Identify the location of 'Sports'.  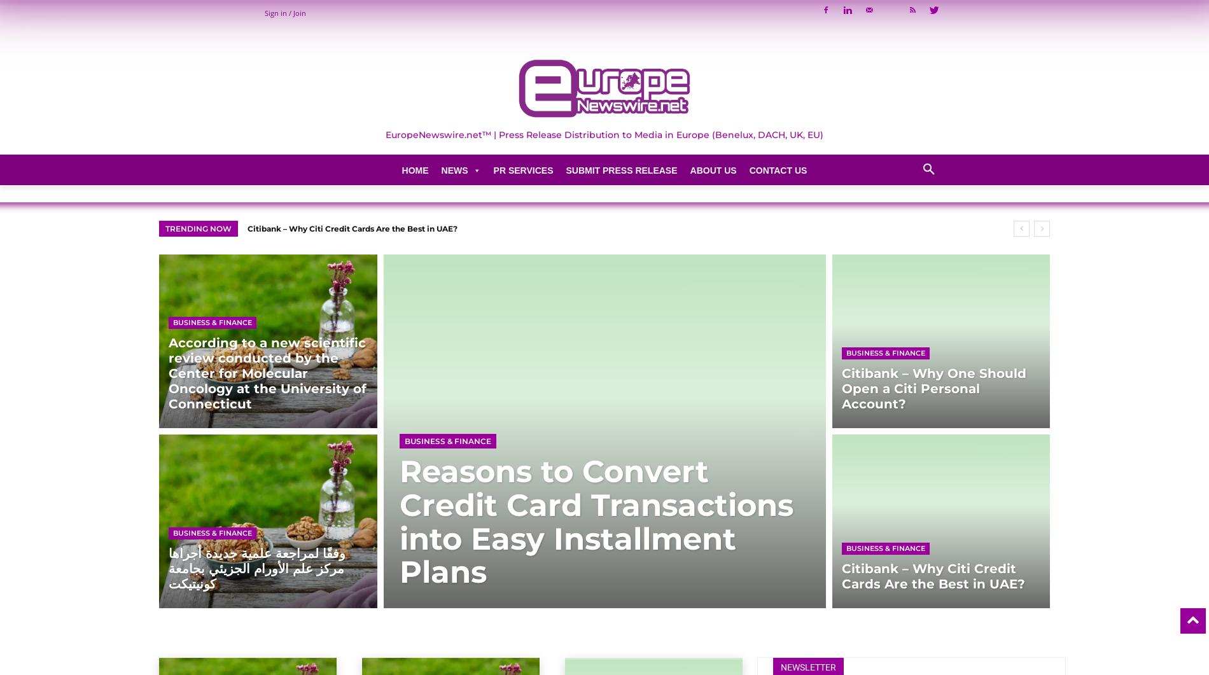
(452, 486).